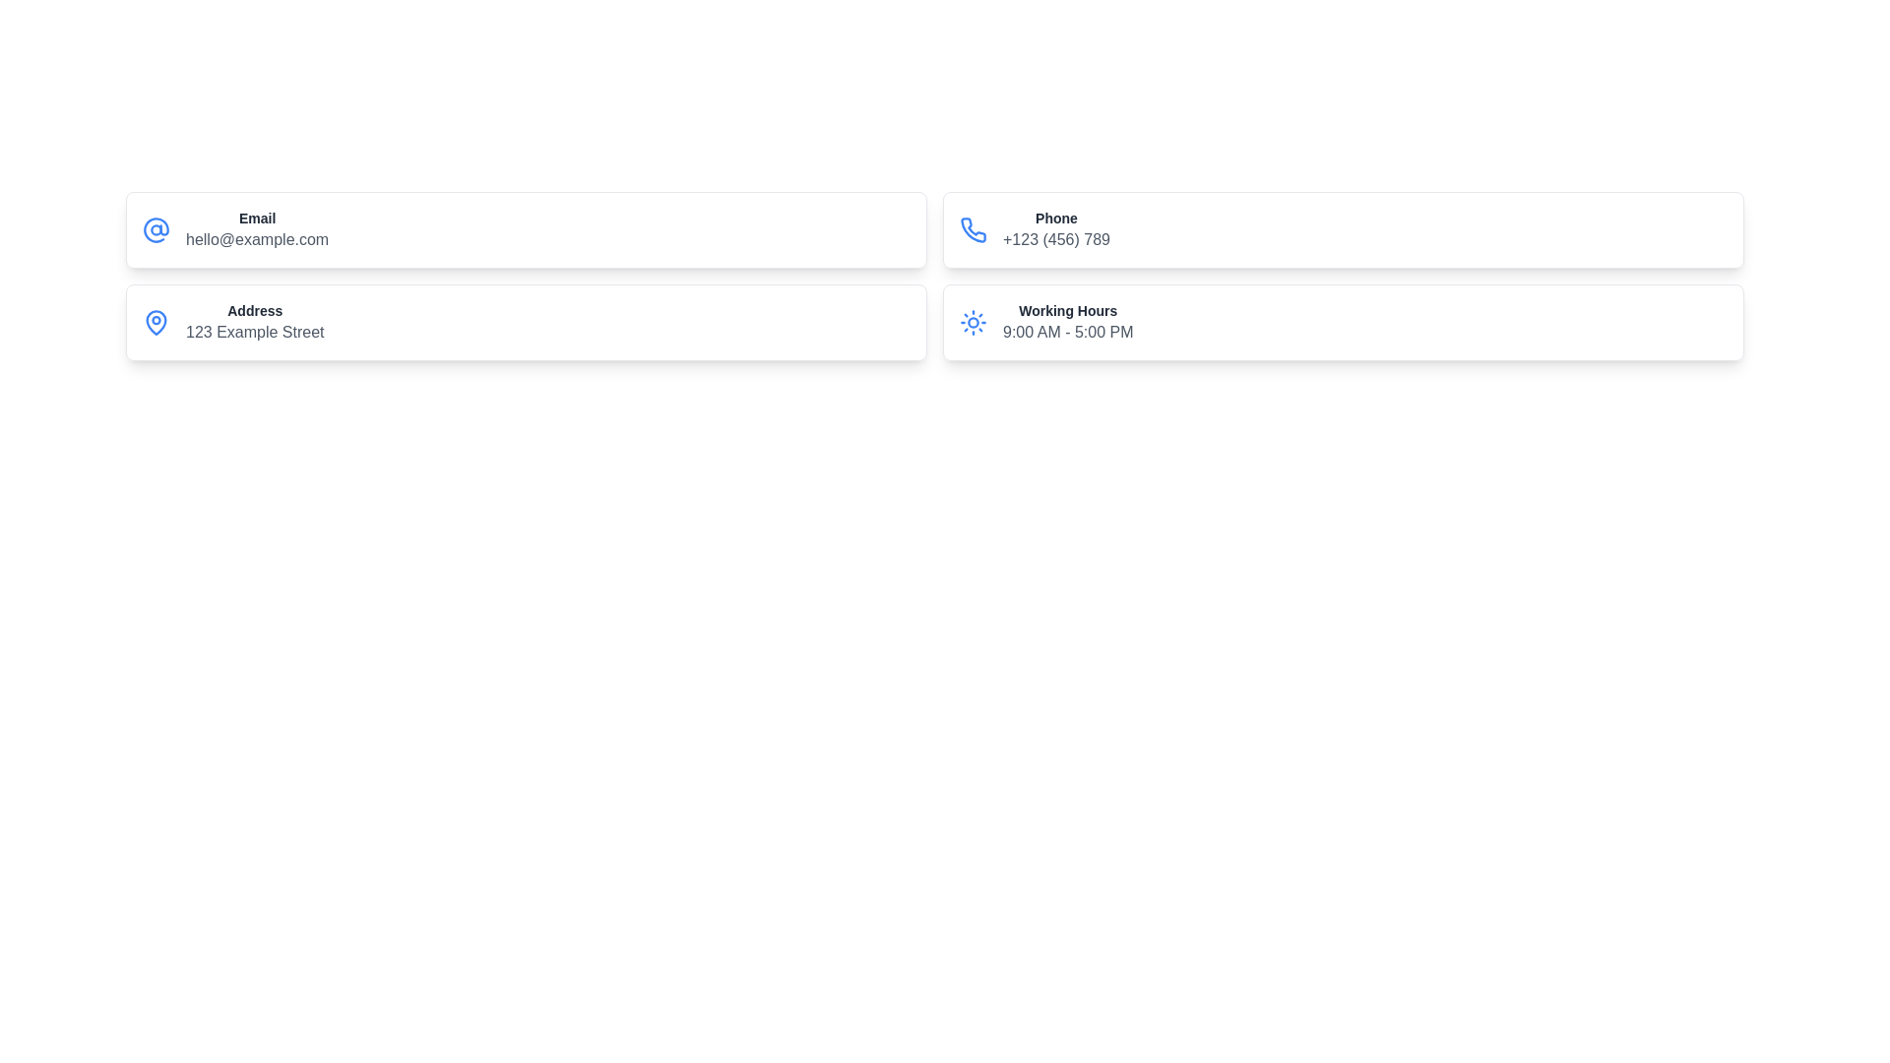 Image resolution: width=1890 pixels, height=1063 pixels. I want to click on the textual information display that shows the phone number, located in the right-hand card of the top row in the grid layout, immediately to the right of the phone icon, so click(1055, 229).